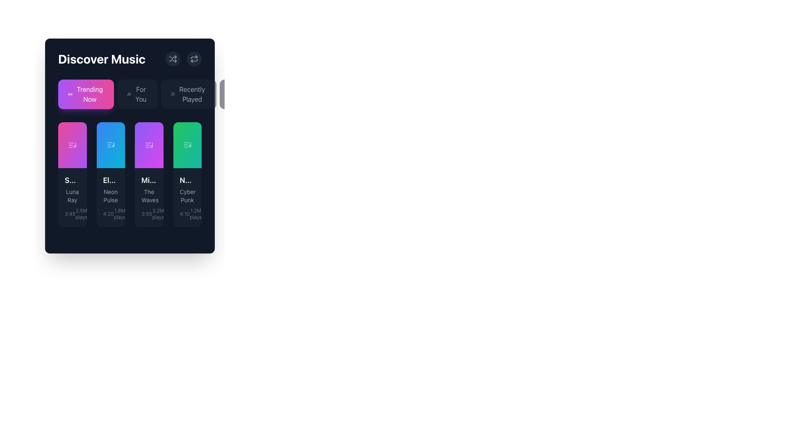 This screenshot has width=787, height=443. I want to click on the play icon, which is a triangular shape with a minimalistic outline design, located centrally within the green card labeled 'Cyber Punk', so click(188, 145).